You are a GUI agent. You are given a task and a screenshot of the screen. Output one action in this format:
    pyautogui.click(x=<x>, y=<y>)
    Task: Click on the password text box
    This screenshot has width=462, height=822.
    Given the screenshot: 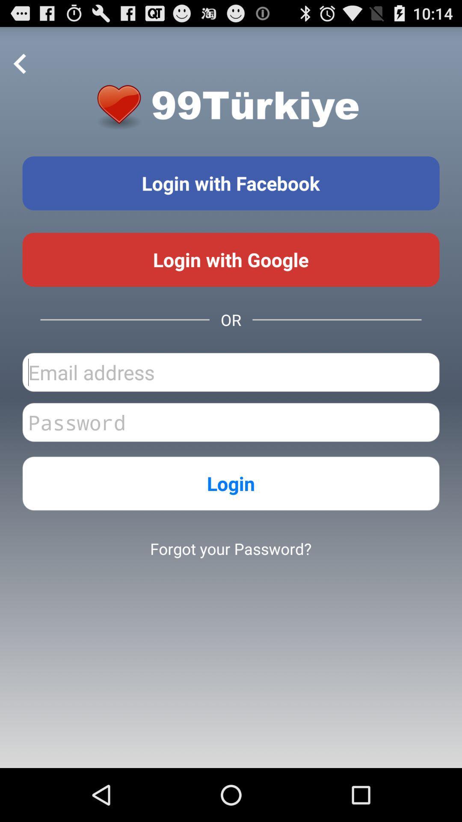 What is the action you would take?
    pyautogui.click(x=231, y=422)
    